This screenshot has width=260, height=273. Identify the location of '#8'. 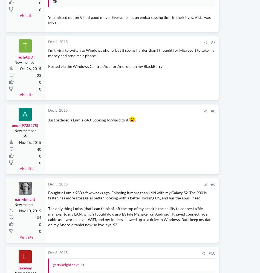
(161, 148).